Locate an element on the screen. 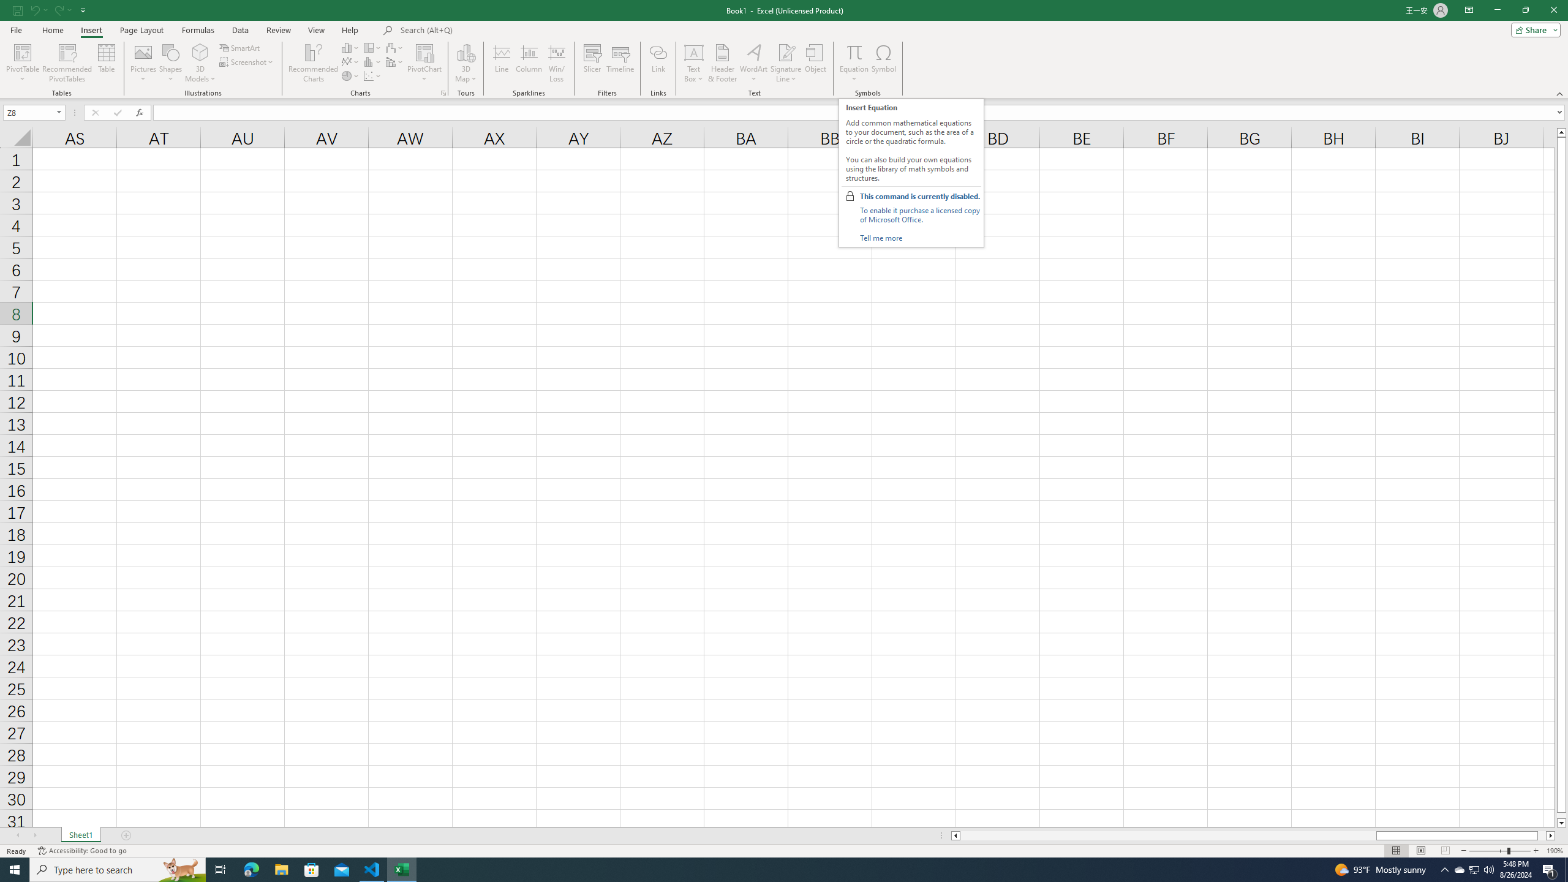  'Slicer...' is located at coordinates (592, 63).